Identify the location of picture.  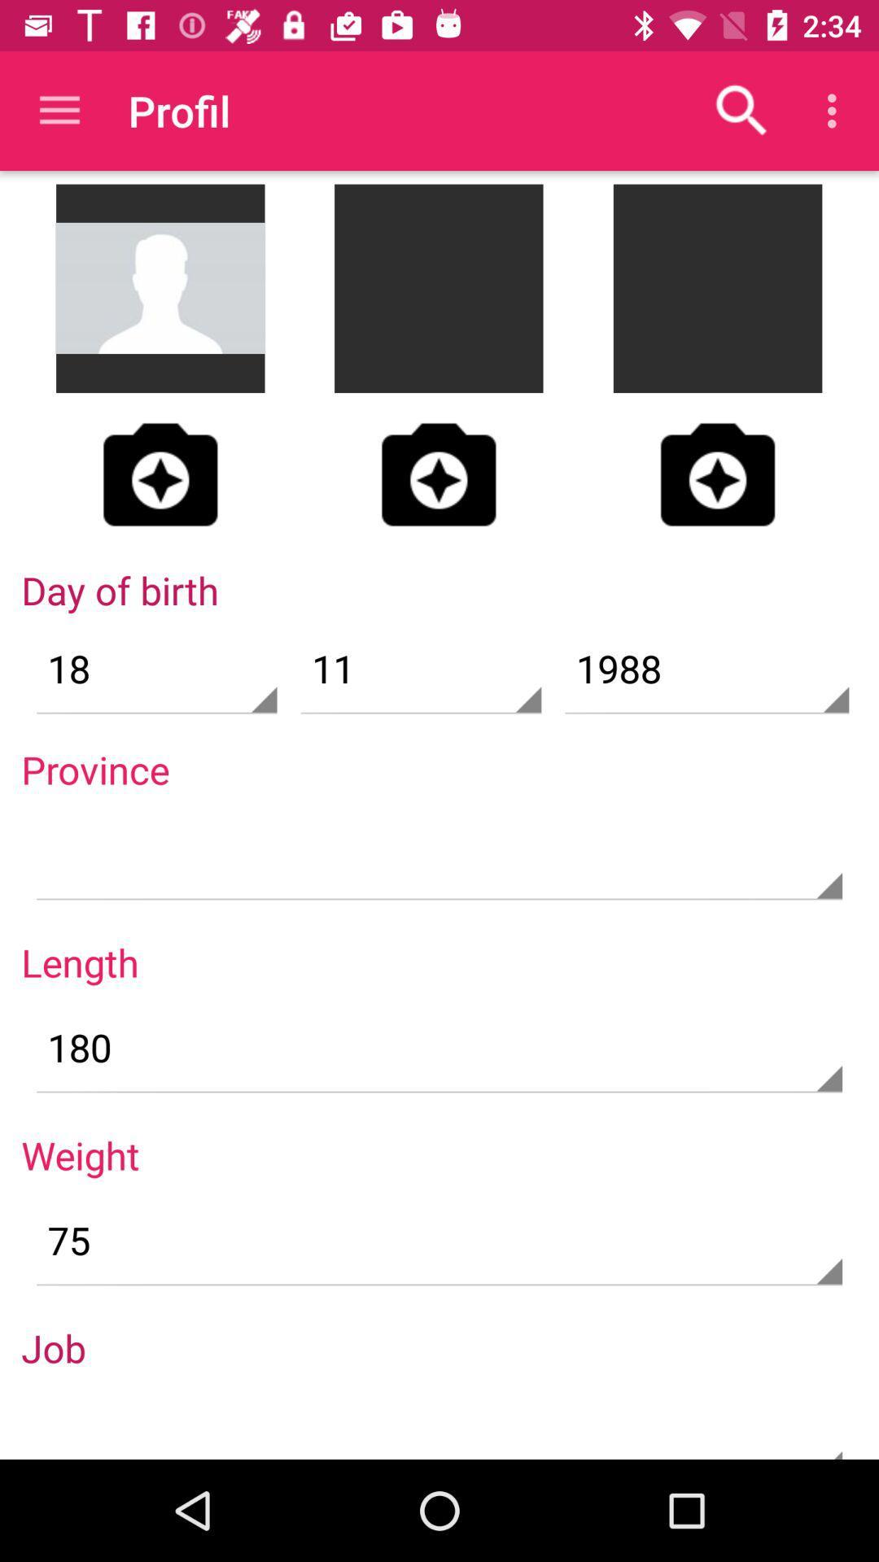
(438, 473).